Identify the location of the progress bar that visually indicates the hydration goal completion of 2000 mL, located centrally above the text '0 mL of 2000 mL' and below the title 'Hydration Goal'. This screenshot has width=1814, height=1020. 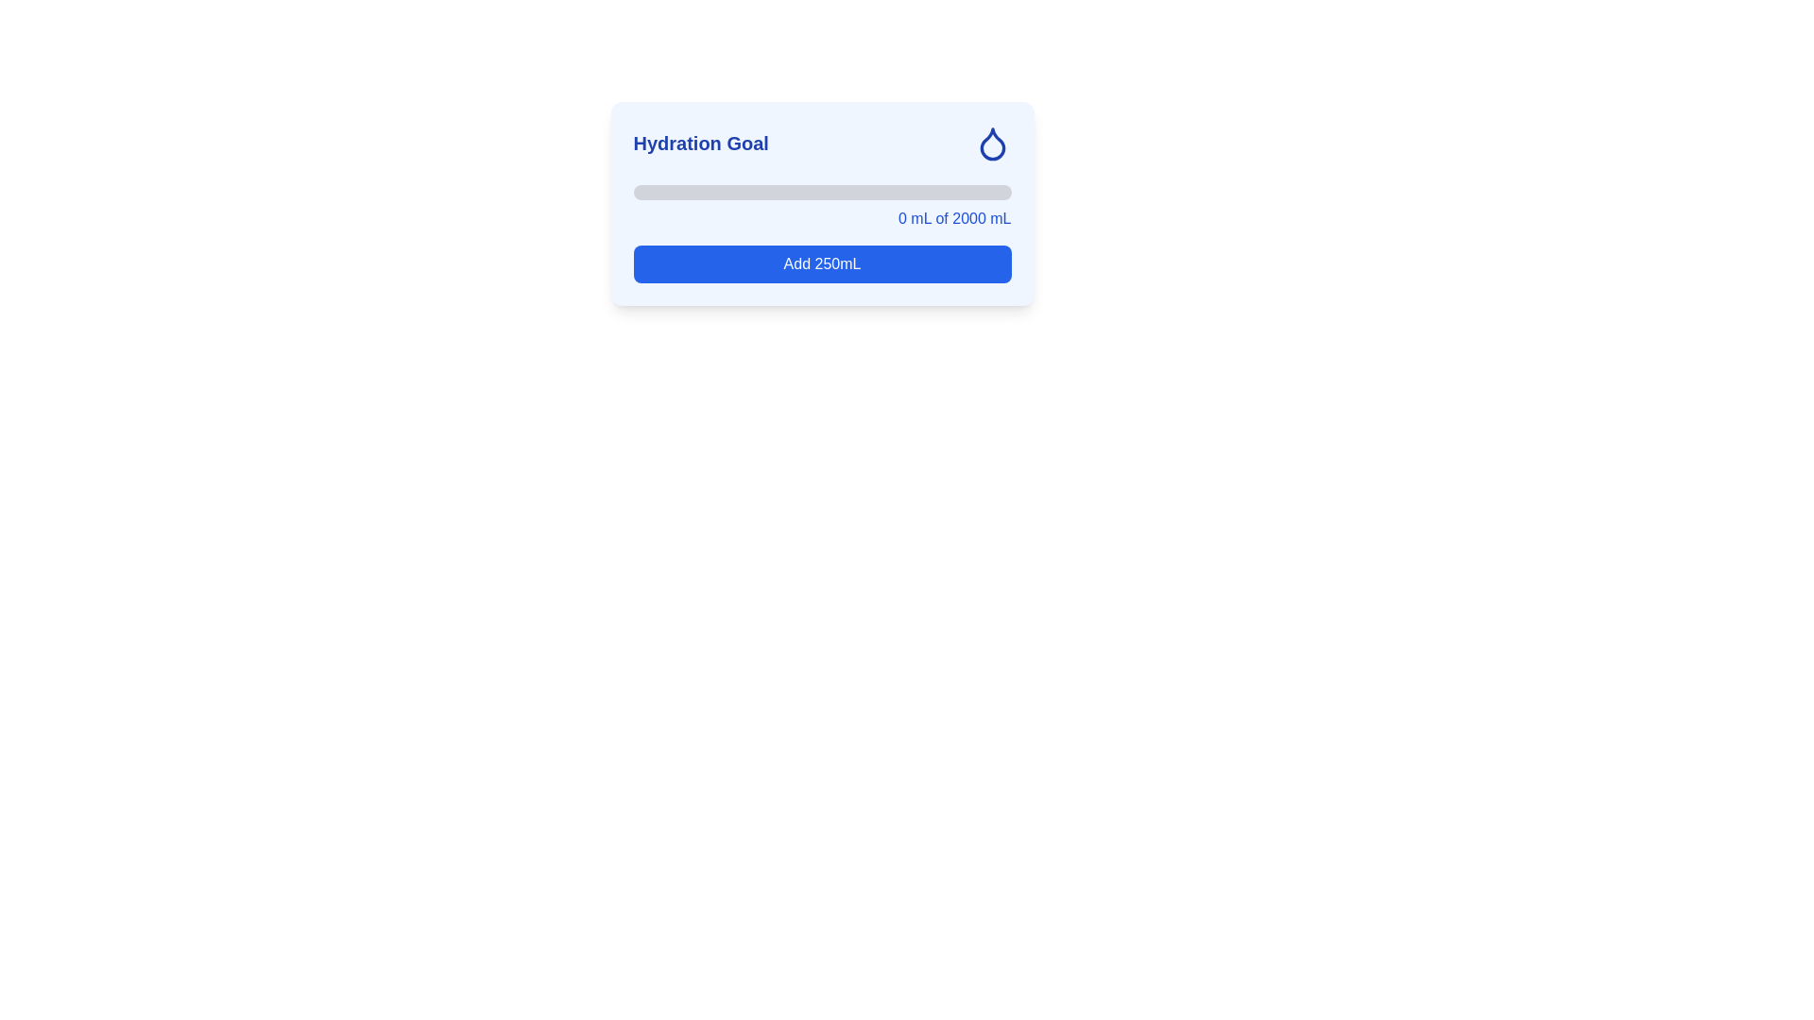
(822, 193).